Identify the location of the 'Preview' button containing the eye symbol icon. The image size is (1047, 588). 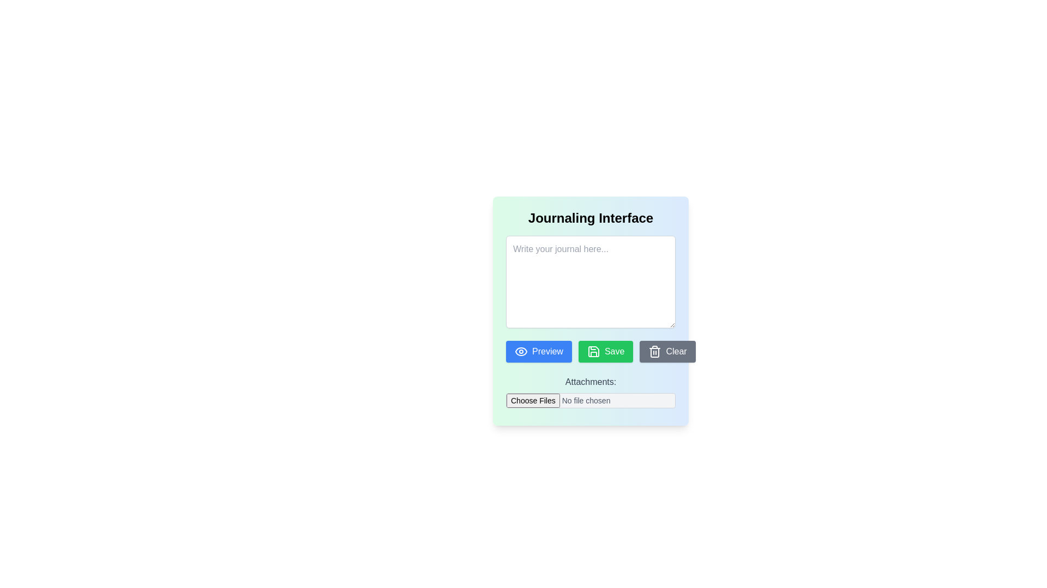
(520, 351).